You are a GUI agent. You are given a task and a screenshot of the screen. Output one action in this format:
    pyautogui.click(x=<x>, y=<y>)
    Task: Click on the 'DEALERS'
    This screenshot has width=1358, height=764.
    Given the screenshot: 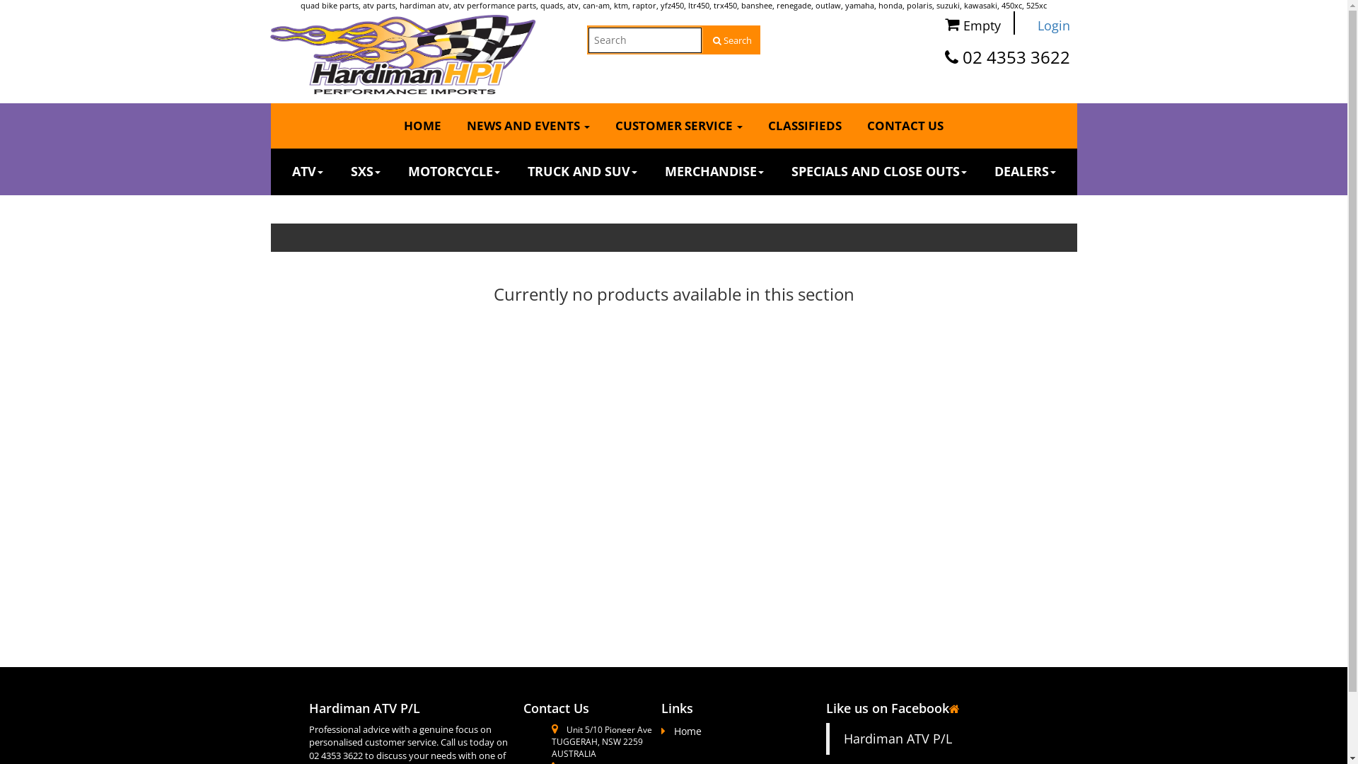 What is the action you would take?
    pyautogui.click(x=1025, y=171)
    